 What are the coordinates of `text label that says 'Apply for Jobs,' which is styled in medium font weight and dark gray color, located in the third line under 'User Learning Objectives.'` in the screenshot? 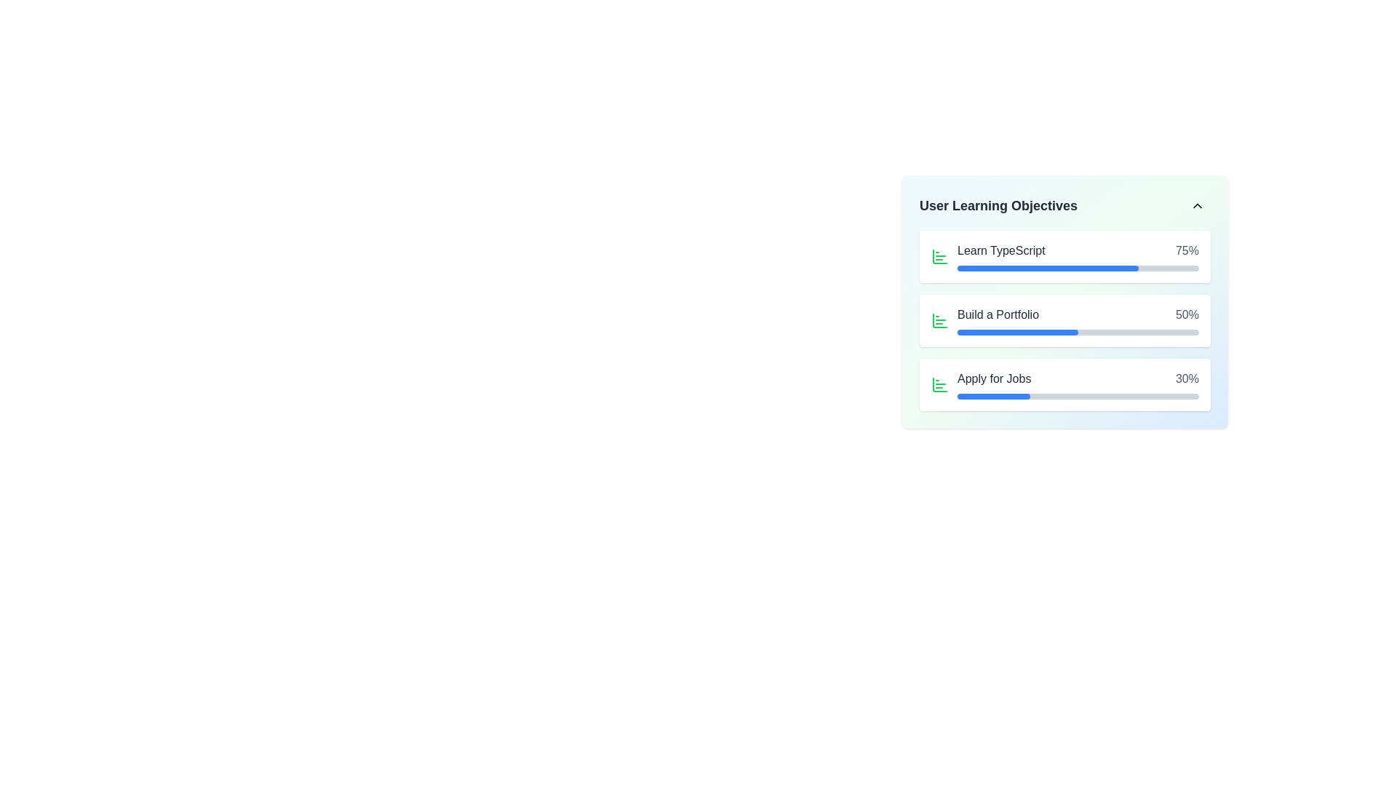 It's located at (993, 378).